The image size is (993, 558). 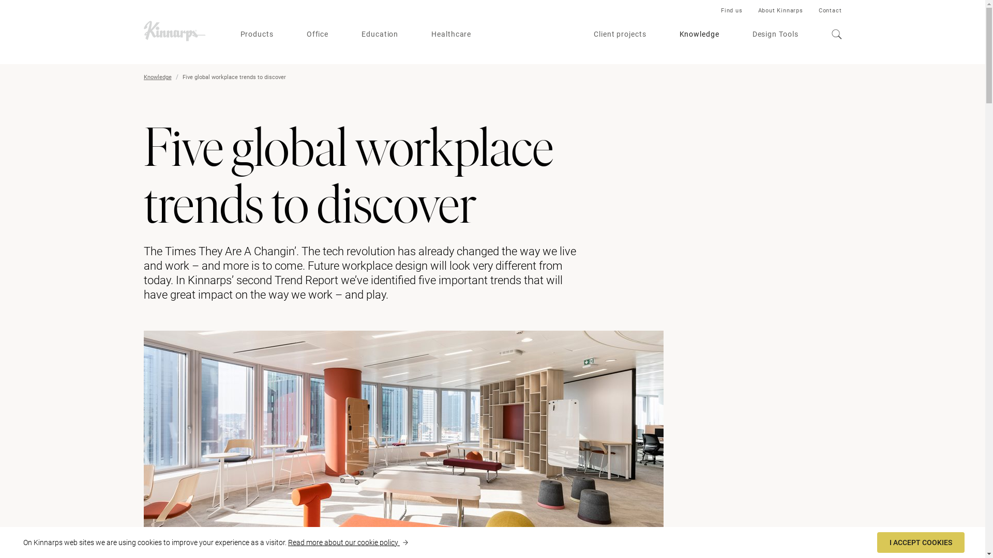 What do you see at coordinates (157, 76) in the screenshot?
I see `'Knowledge'` at bounding box center [157, 76].